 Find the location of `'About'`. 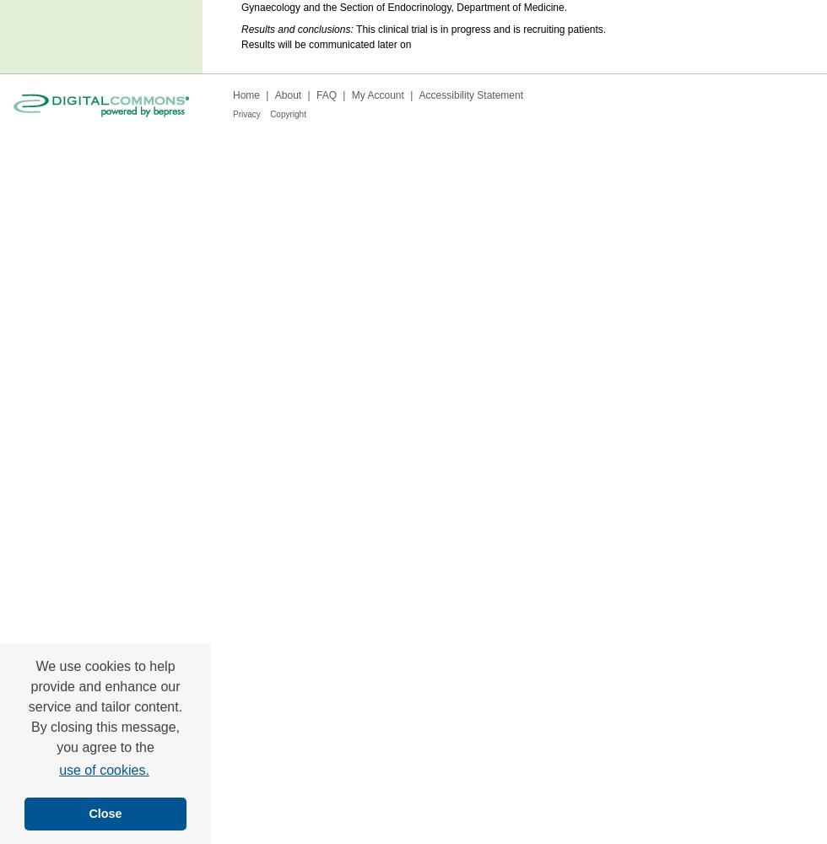

'About' is located at coordinates (288, 95).